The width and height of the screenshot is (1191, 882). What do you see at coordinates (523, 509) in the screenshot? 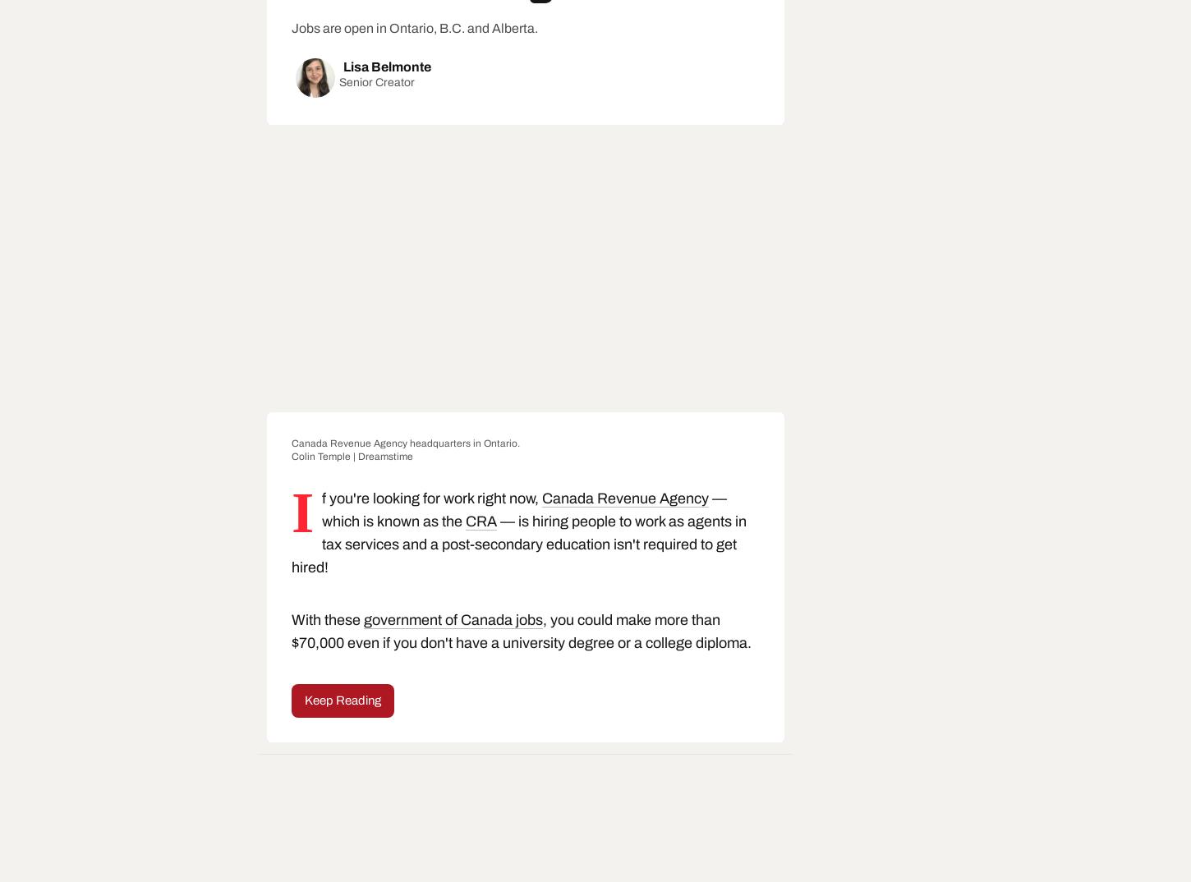
I see `'— which is known as the'` at bounding box center [523, 509].